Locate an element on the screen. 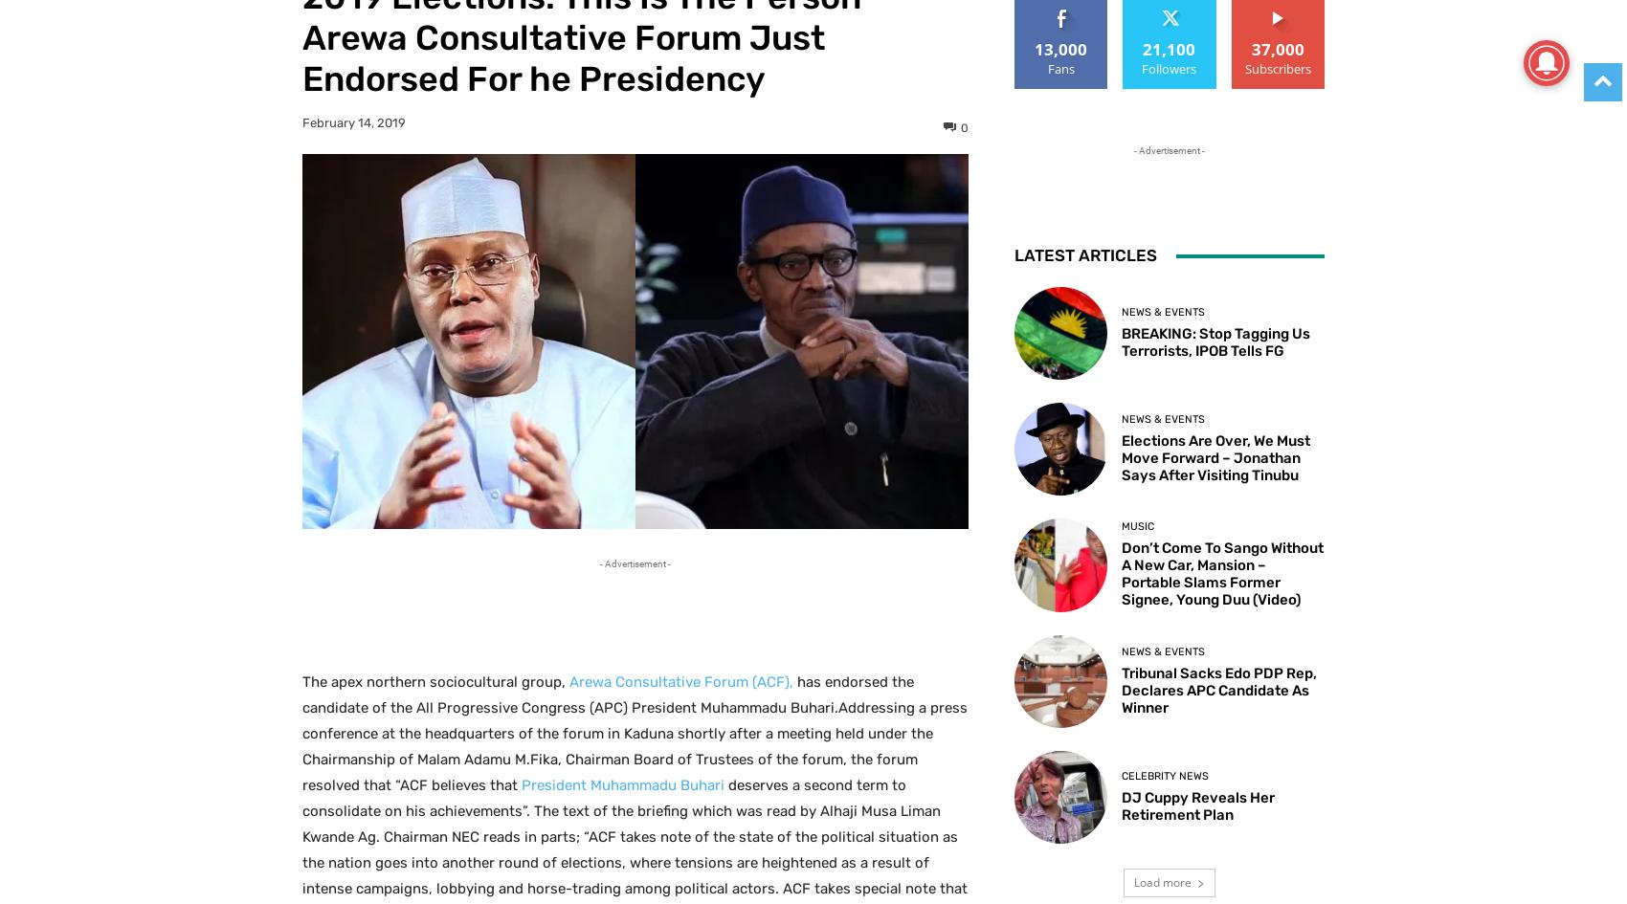  '21,100' is located at coordinates (1142, 49).